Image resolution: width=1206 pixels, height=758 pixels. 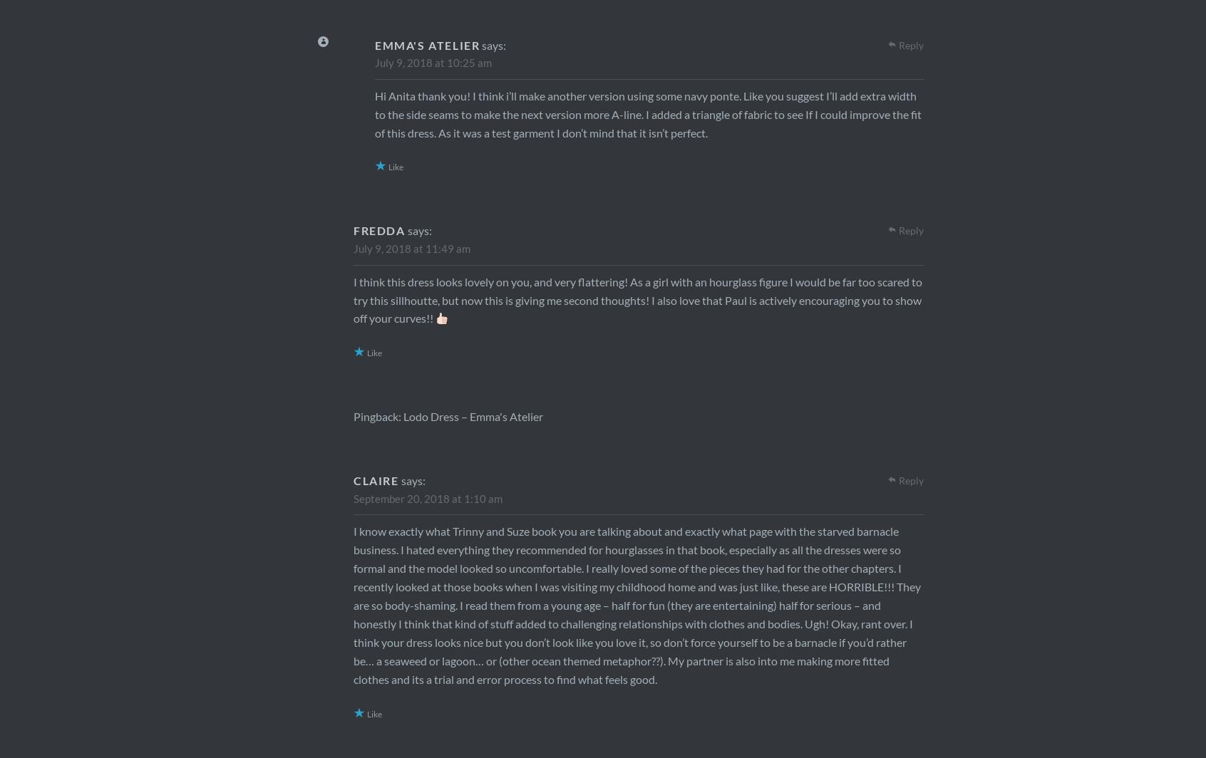 What do you see at coordinates (647, 113) in the screenshot?
I see `'Hi Anita thank you! I think i’ll make another version using some navy ponte. Like you suggest I’ll add extra width to the side seams to make the next version more A-line. I added a triangle of fabric to see If I could improve the fit of this dress. As it was a test garment I don’t mind that it isn’t perfect.'` at bounding box center [647, 113].